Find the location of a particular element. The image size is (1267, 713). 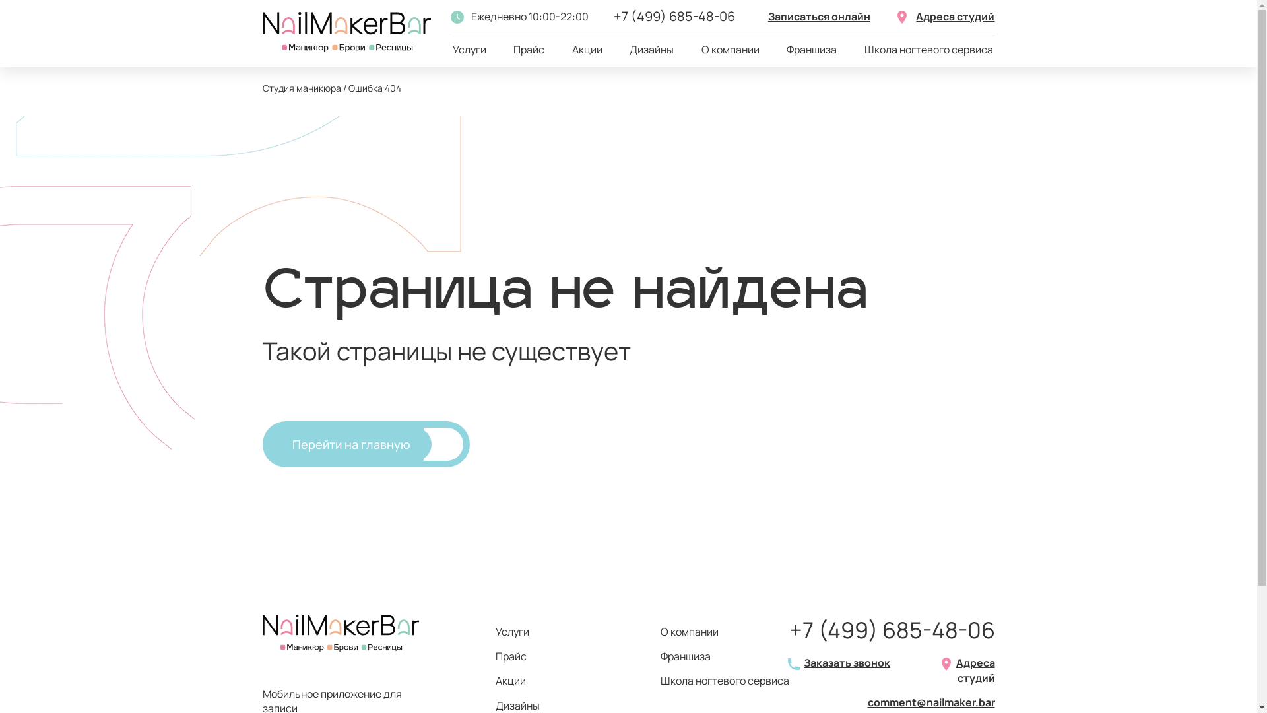

'comment@nailmaker.bar' is located at coordinates (930, 702).